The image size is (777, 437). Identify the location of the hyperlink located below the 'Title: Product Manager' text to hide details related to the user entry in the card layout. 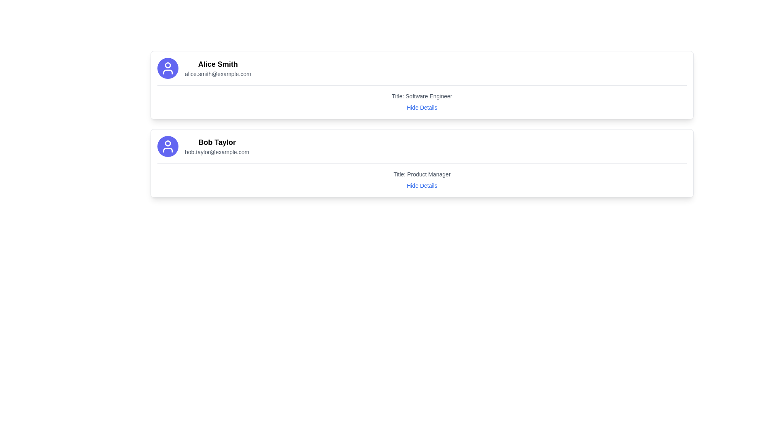
(421, 186).